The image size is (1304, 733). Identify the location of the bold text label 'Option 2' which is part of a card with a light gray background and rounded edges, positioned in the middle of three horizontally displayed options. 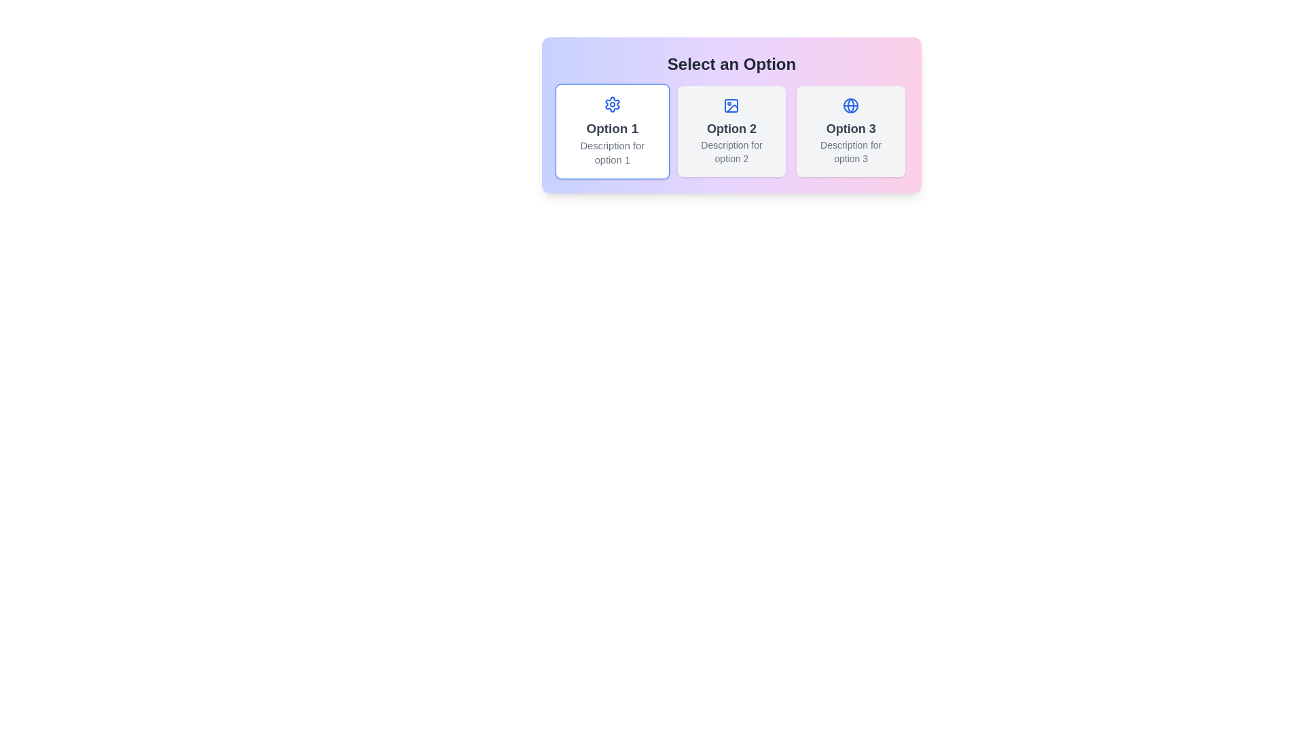
(731, 128).